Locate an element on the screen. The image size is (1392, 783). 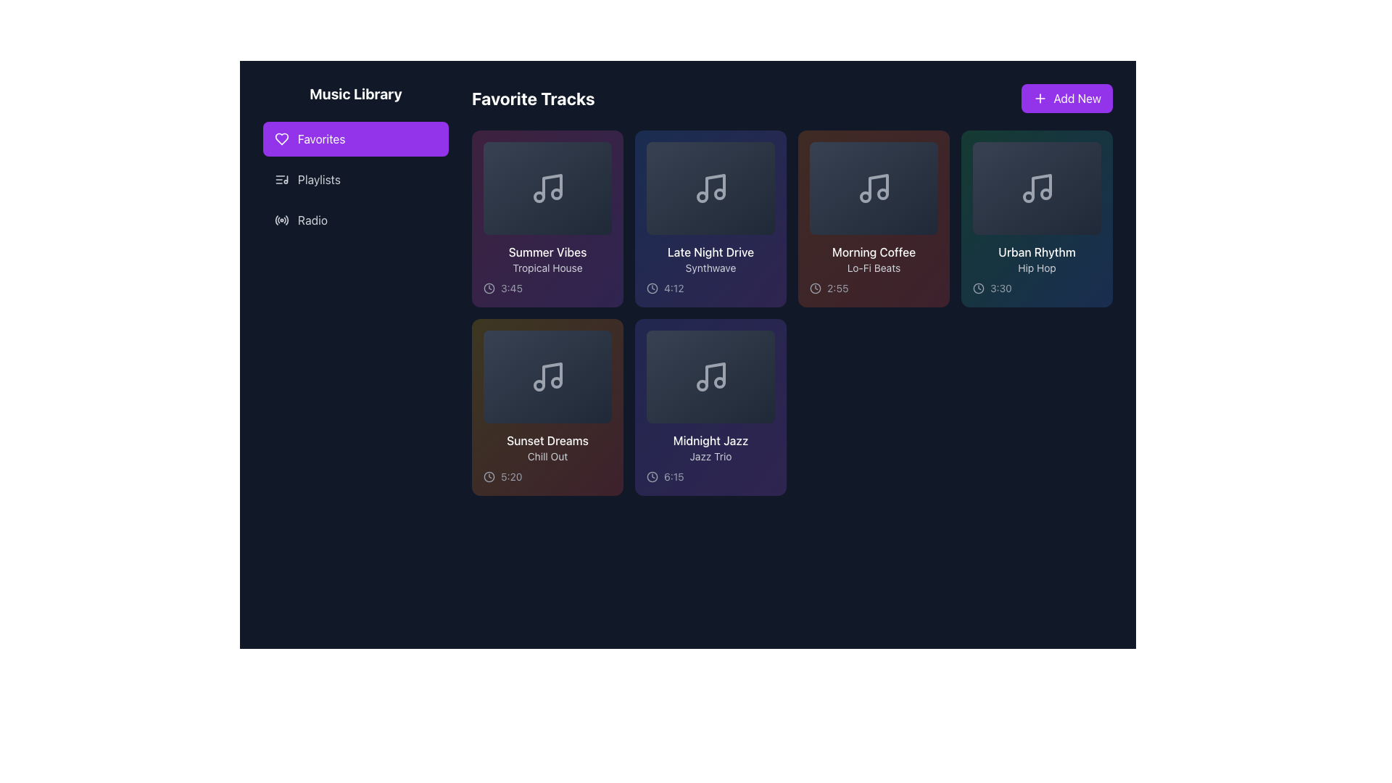
the vector graphic representing a musical note in the 'Favorite Tracks' section, located in the first card on the top left is located at coordinates (551, 186).